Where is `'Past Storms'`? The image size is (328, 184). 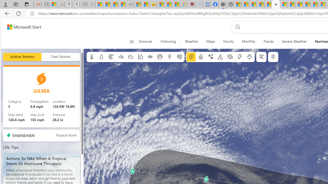 'Past Storms' is located at coordinates (61, 57).